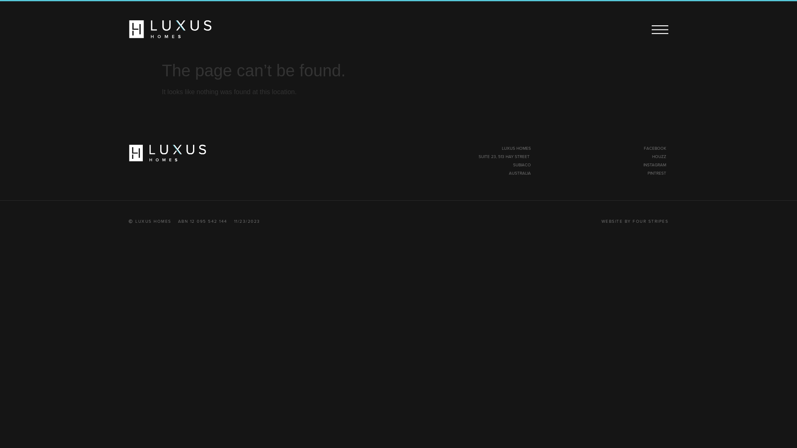 The image size is (797, 448). I want to click on 'HOUZZ', so click(659, 156).